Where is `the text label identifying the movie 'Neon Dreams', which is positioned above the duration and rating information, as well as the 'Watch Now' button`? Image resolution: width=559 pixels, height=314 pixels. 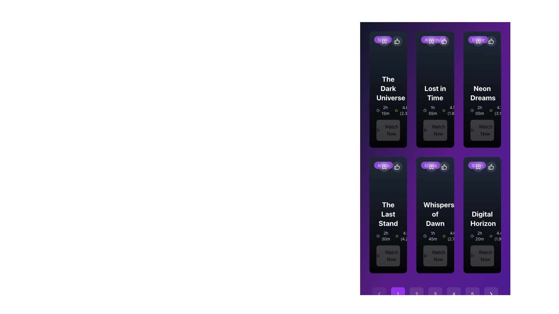 the text label identifying the movie 'Neon Dreams', which is positioned above the duration and rating information, as well as the 'Watch Now' button is located at coordinates (482, 93).